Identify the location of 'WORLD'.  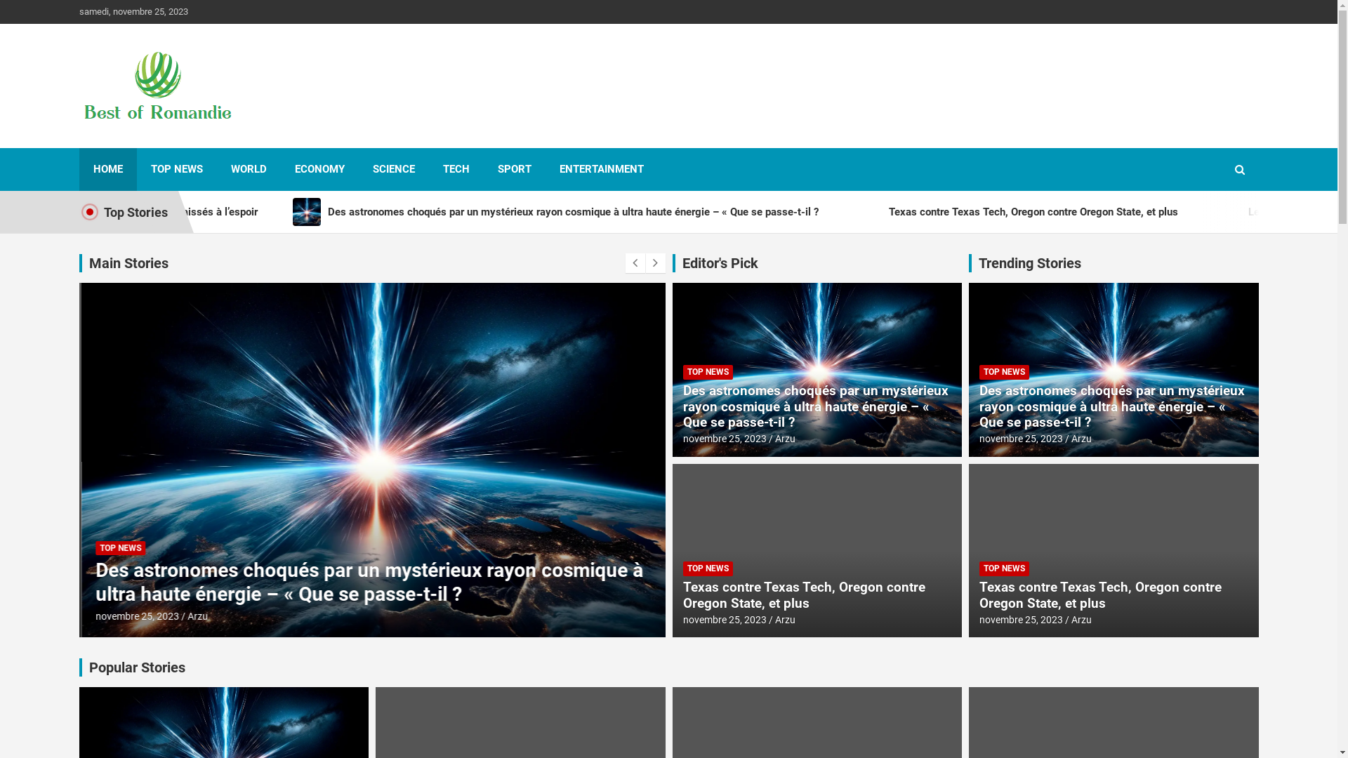
(248, 168).